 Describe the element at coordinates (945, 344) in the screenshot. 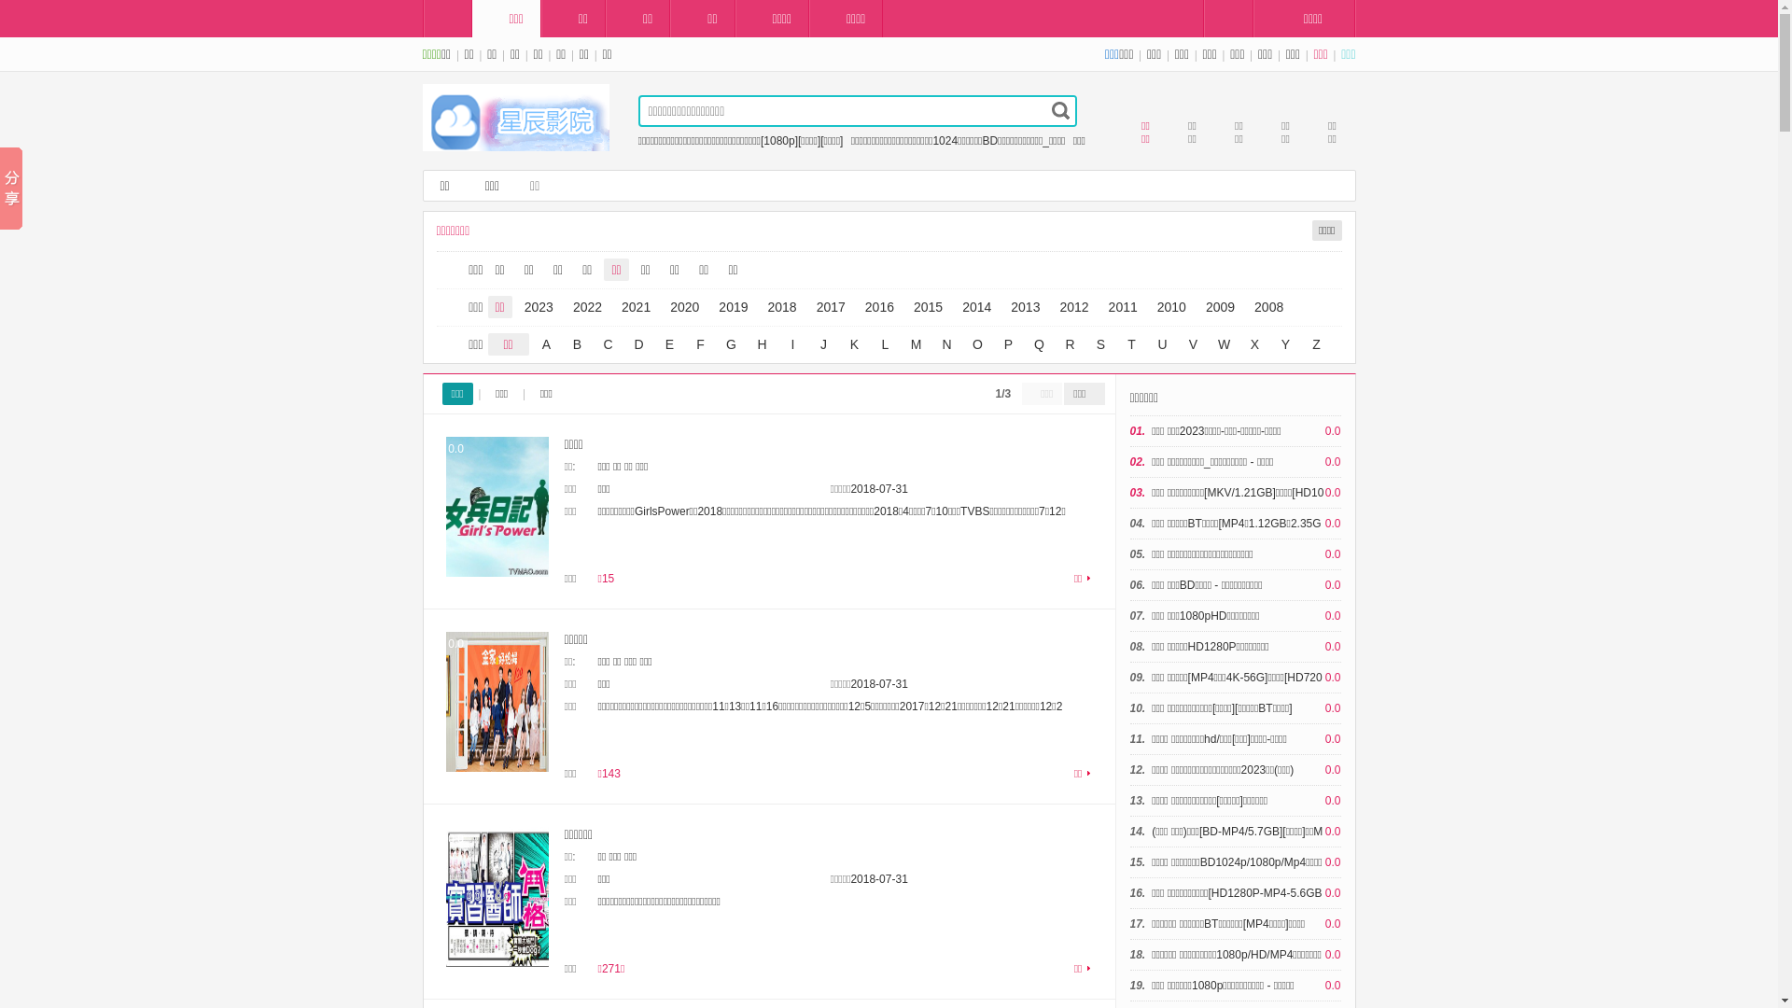

I see `'N'` at that location.